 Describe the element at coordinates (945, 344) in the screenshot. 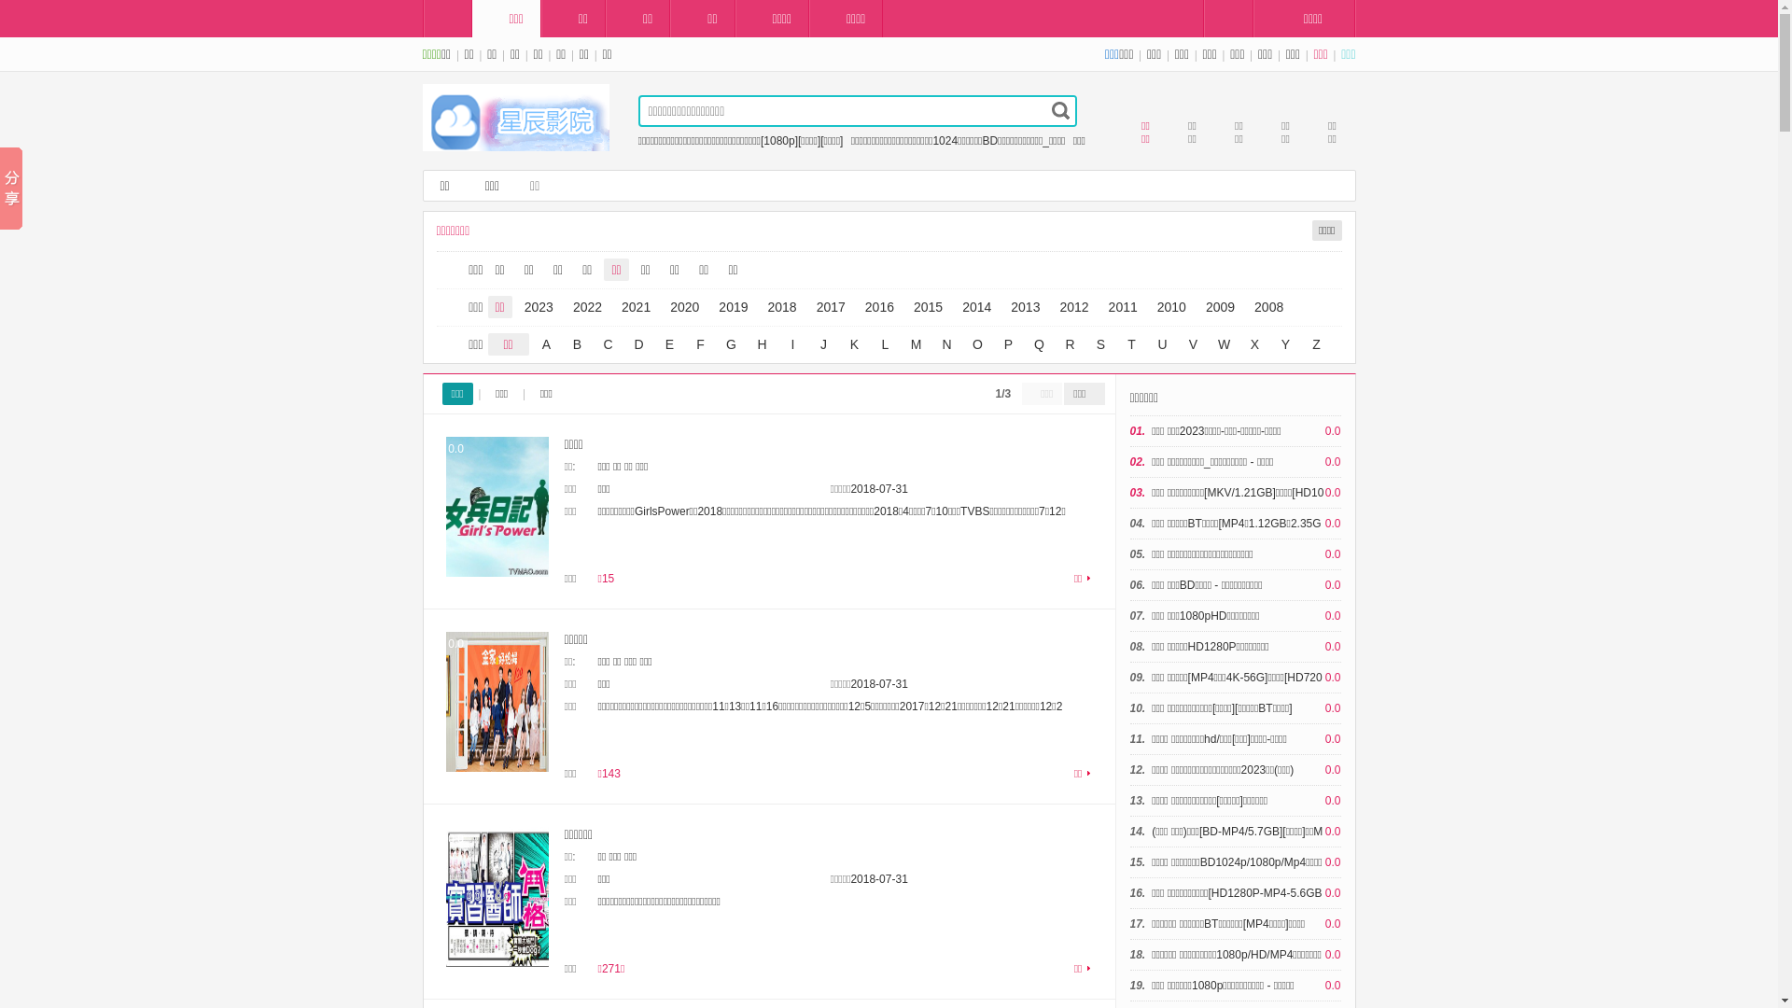

I see `'N'` at that location.